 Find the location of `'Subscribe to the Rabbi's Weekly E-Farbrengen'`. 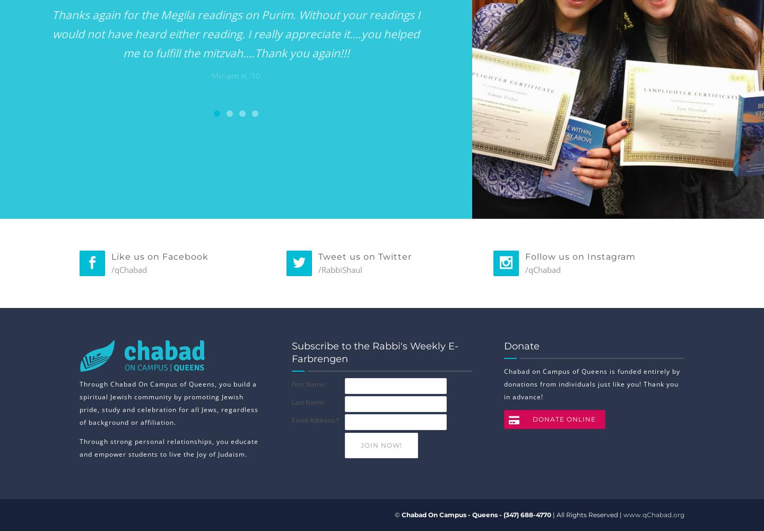

'Subscribe to the Rabbi's Weekly E-Farbrengen' is located at coordinates (291, 353).